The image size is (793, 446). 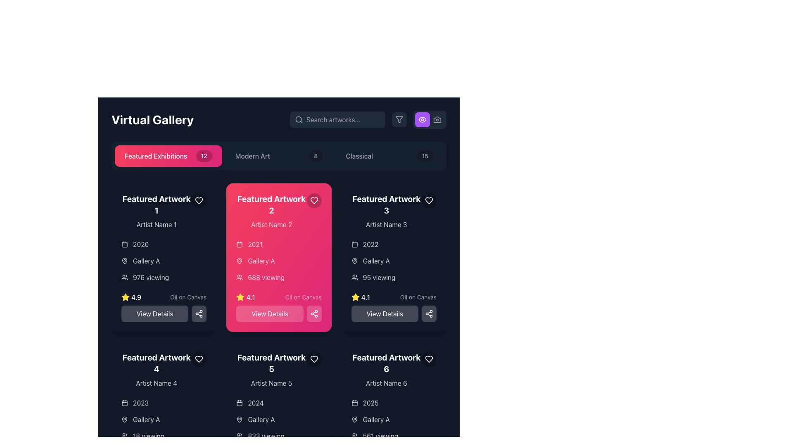 I want to click on the favorite or like indicator button located in the top-right corner of the 'Featured Artwork 6' card, so click(x=429, y=359).